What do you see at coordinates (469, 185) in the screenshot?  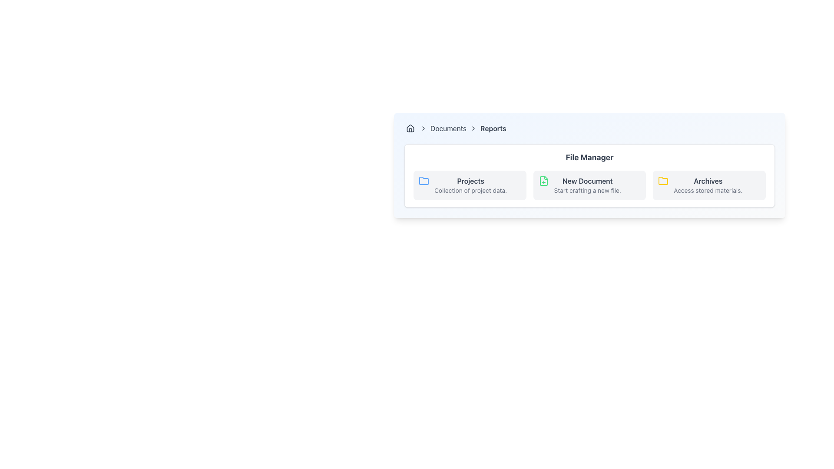 I see `the 'Projects' category card, which is the first card in the horizontal layout under the 'File Manager' section` at bounding box center [469, 185].